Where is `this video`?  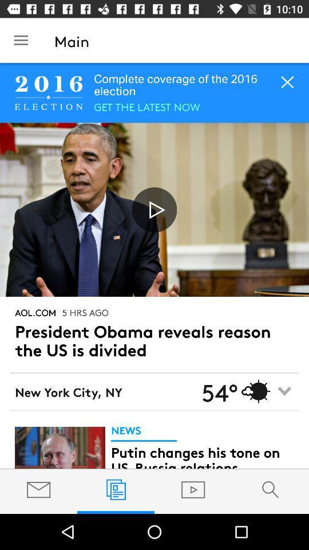
this video is located at coordinates (154, 209).